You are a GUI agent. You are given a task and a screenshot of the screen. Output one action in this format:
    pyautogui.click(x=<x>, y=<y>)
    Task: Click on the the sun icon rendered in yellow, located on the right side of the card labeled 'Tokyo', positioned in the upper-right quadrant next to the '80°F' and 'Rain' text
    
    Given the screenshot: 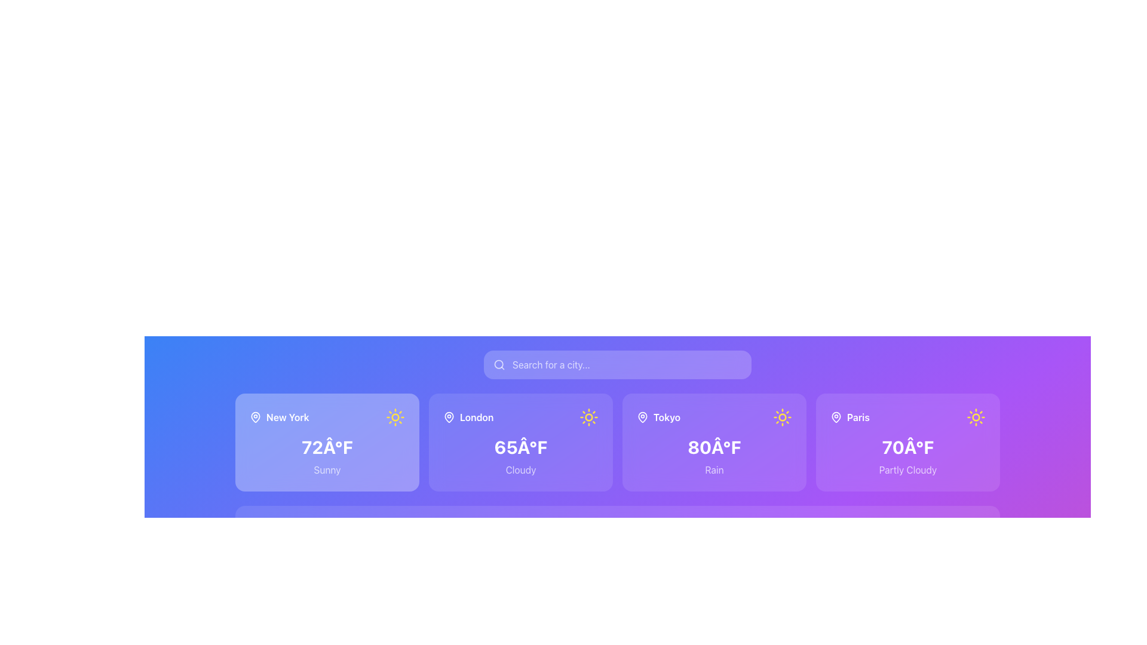 What is the action you would take?
    pyautogui.click(x=783, y=416)
    